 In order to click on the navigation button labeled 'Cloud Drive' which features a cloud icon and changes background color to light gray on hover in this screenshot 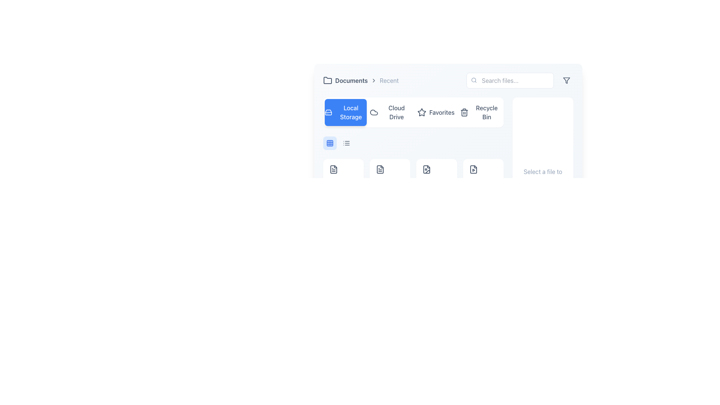, I will do `click(390, 112)`.